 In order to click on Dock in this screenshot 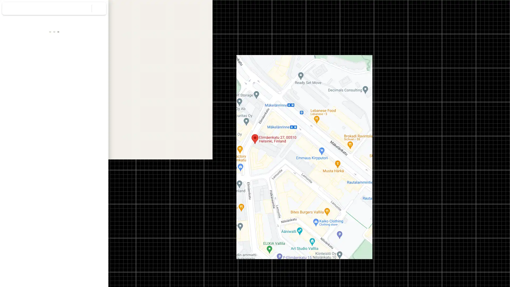, I will do `click(93, 71)`.